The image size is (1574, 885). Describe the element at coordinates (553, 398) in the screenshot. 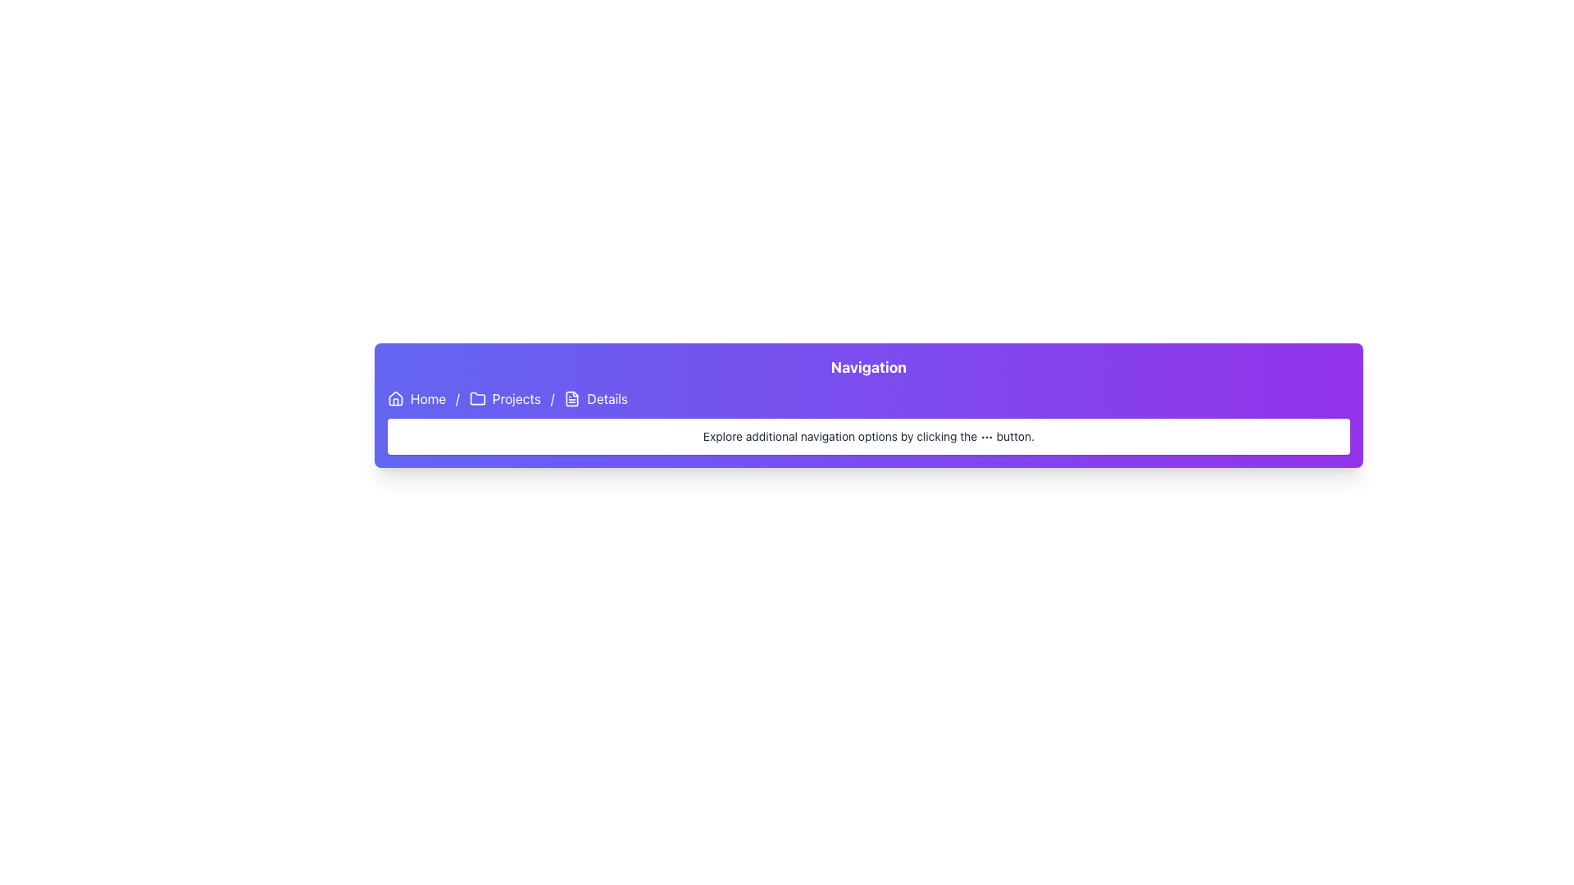

I see `the second forward slash in the breadcrumb navigation, which visually separates the 'Projects' and 'Details' labels` at that location.